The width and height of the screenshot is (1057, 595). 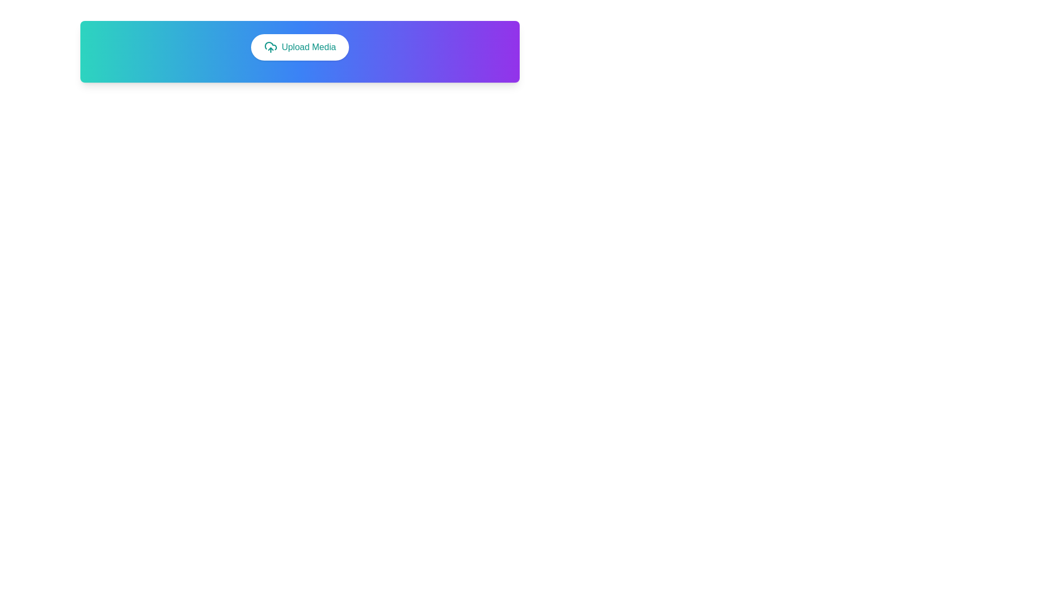 What do you see at coordinates (299, 46) in the screenshot?
I see `the file-upload button located near the center within the top gradient bar of the page` at bounding box center [299, 46].